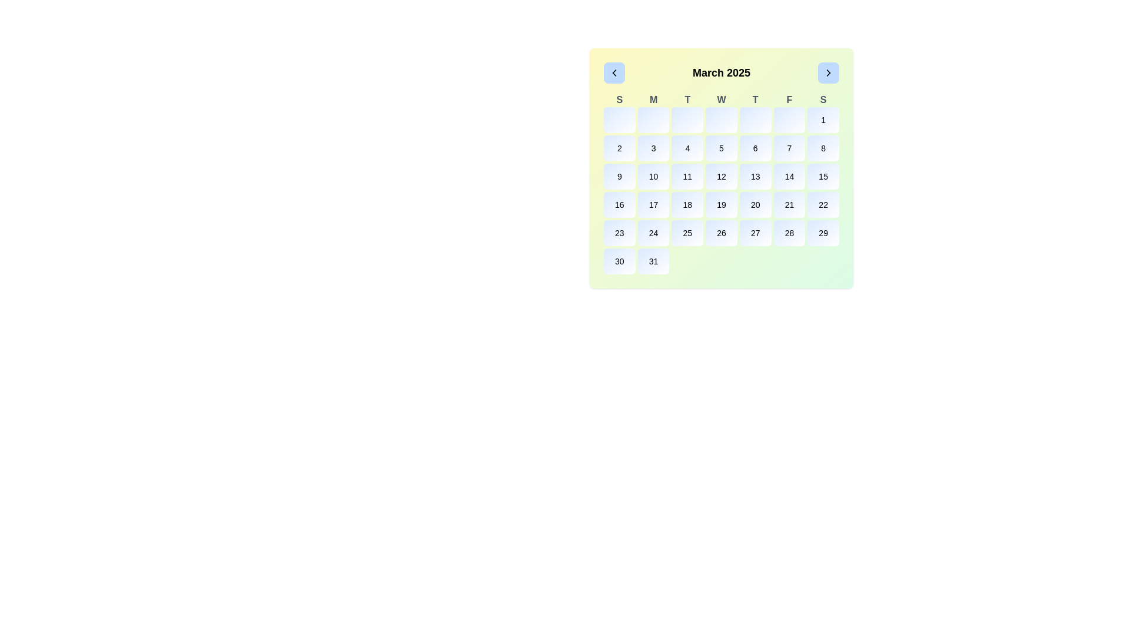 This screenshot has width=1130, height=636. I want to click on the rectangular interactive button with a gradient background located in the March 2025 calendar layout, positioned as the fifth item in the first row under Thursday, so click(755, 120).